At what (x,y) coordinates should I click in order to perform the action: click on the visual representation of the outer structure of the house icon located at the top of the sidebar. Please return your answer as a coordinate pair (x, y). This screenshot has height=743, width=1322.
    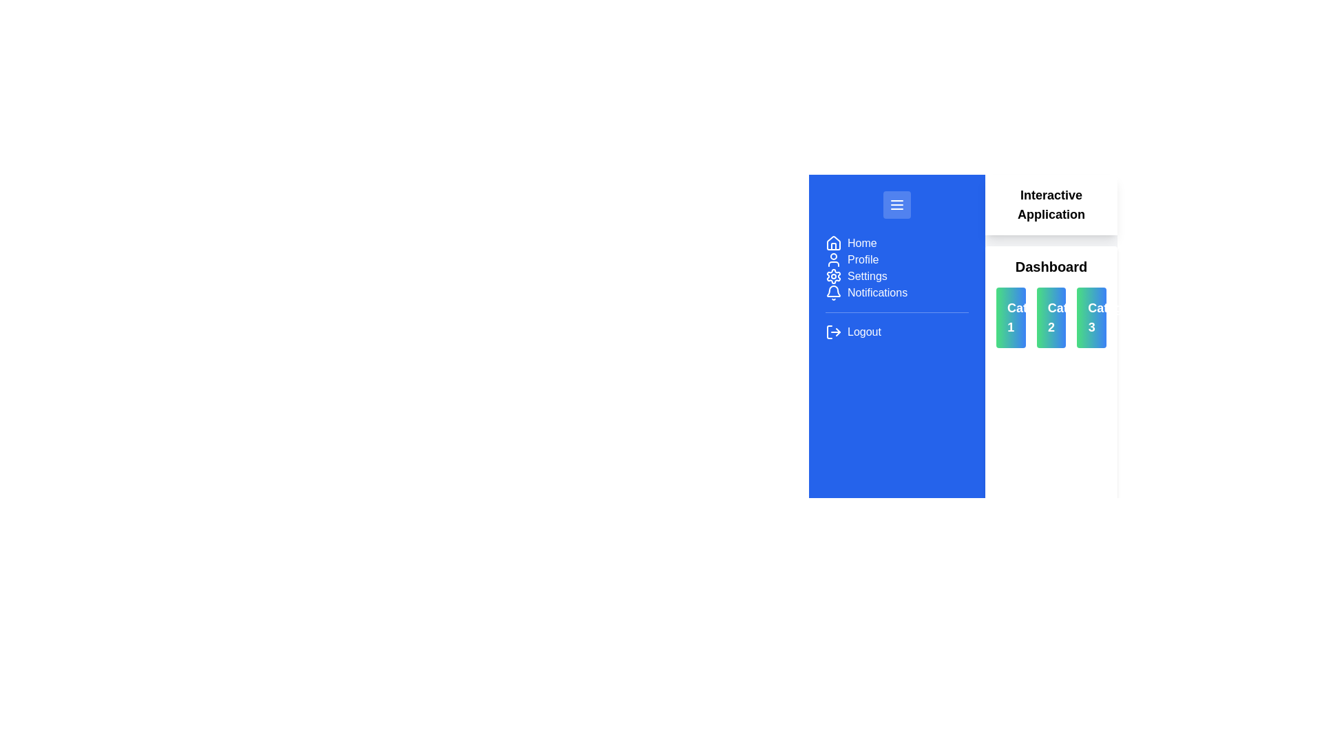
    Looking at the image, I should click on (832, 242).